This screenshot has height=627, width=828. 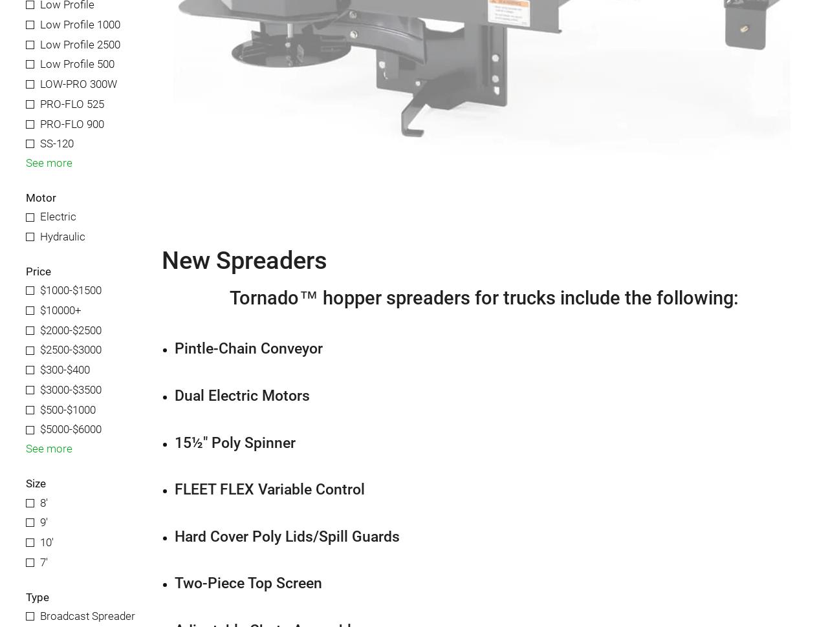 What do you see at coordinates (87, 614) in the screenshot?
I see `'Broadcast Spreader'` at bounding box center [87, 614].